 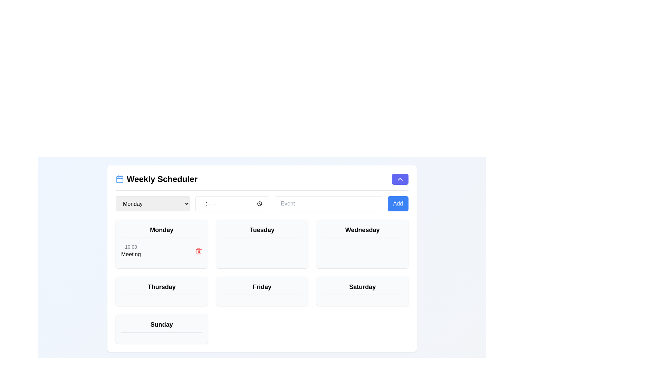 What do you see at coordinates (261, 281) in the screenshot?
I see `the interactive card representing Friday in the weekly schedule` at bounding box center [261, 281].